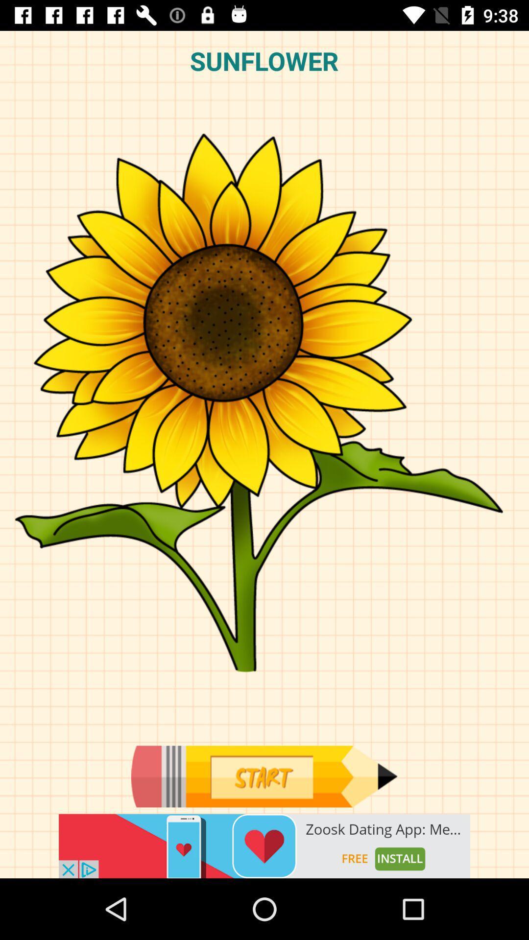 This screenshot has width=529, height=940. I want to click on this add install, so click(264, 846).